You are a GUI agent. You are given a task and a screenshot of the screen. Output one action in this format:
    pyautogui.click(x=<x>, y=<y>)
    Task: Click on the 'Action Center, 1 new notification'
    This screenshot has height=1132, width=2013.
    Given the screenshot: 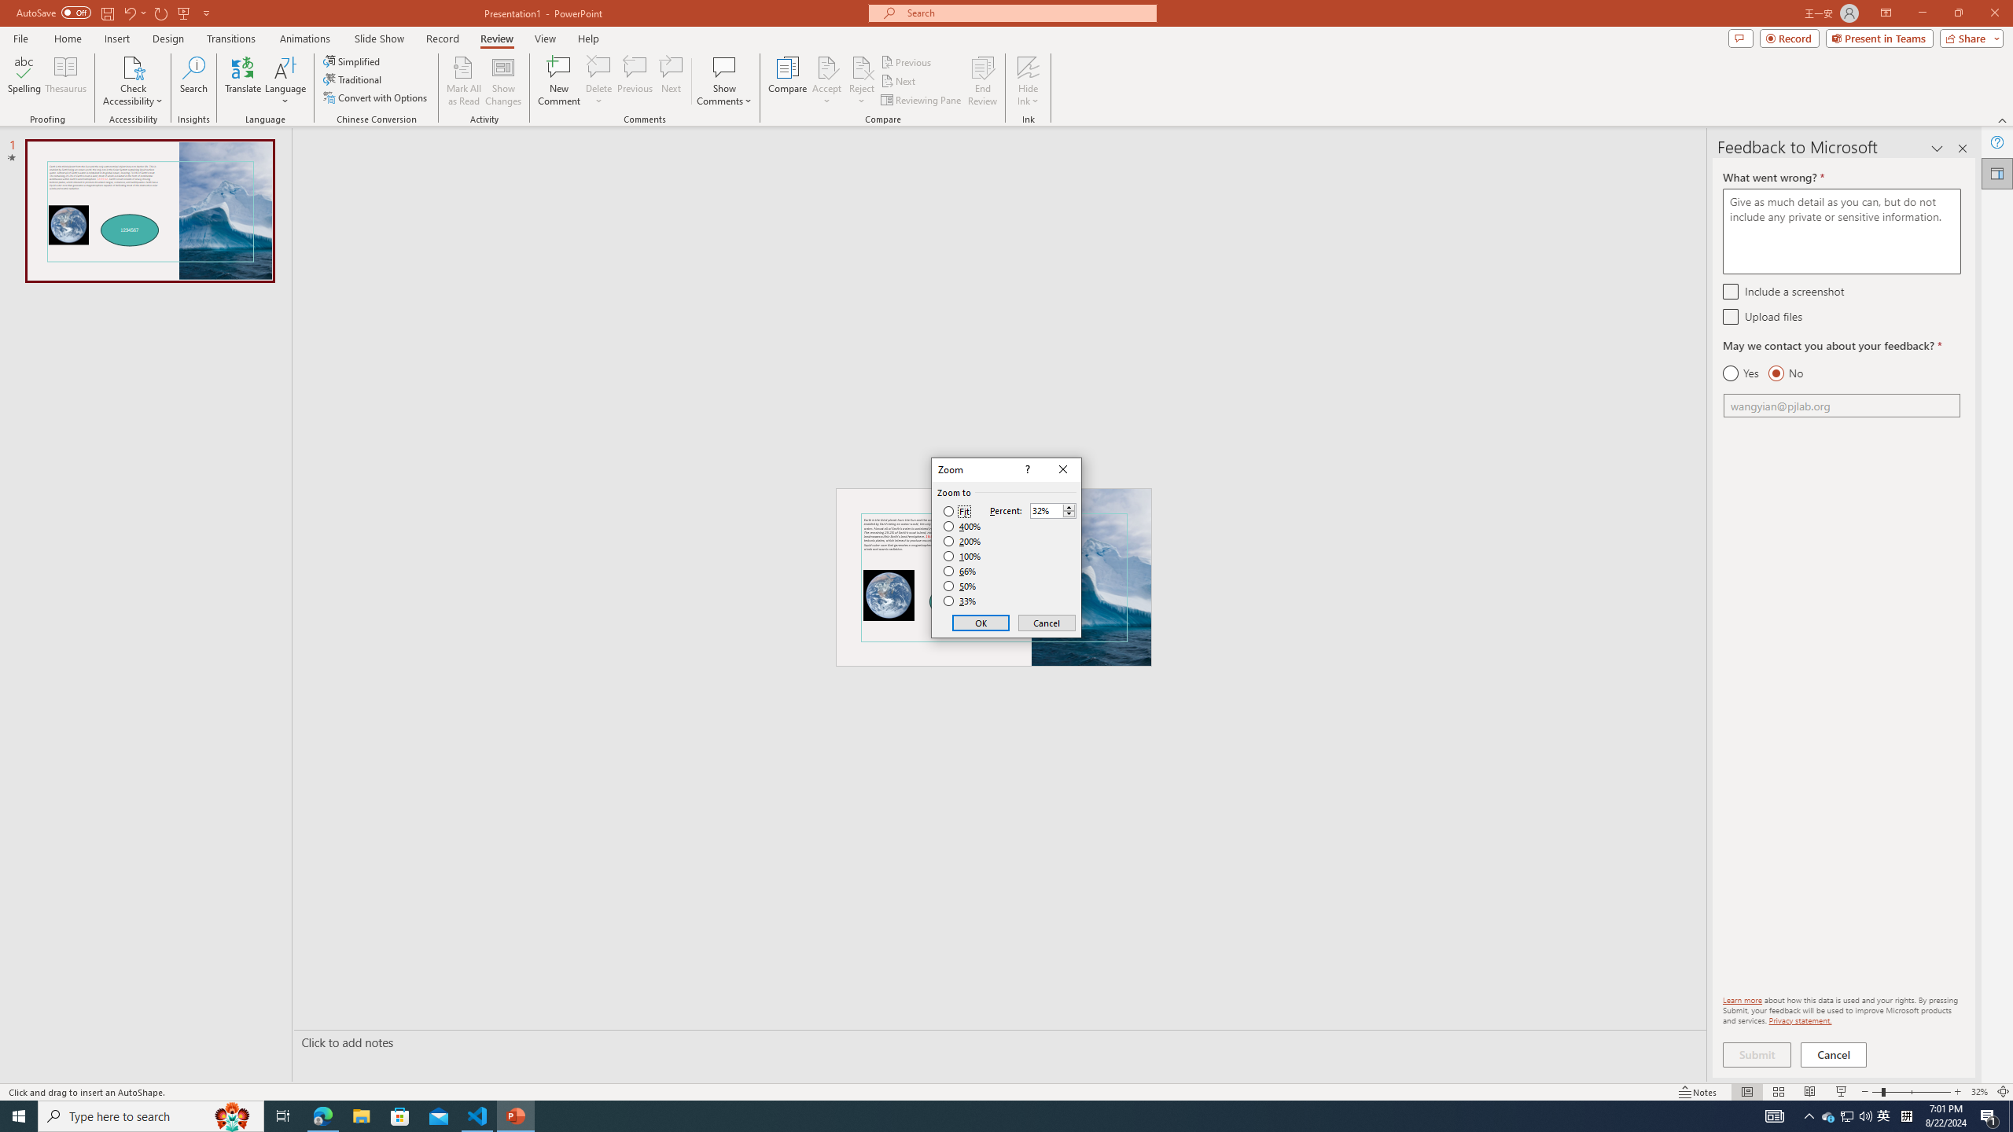 What is the action you would take?
    pyautogui.click(x=1989, y=1115)
    